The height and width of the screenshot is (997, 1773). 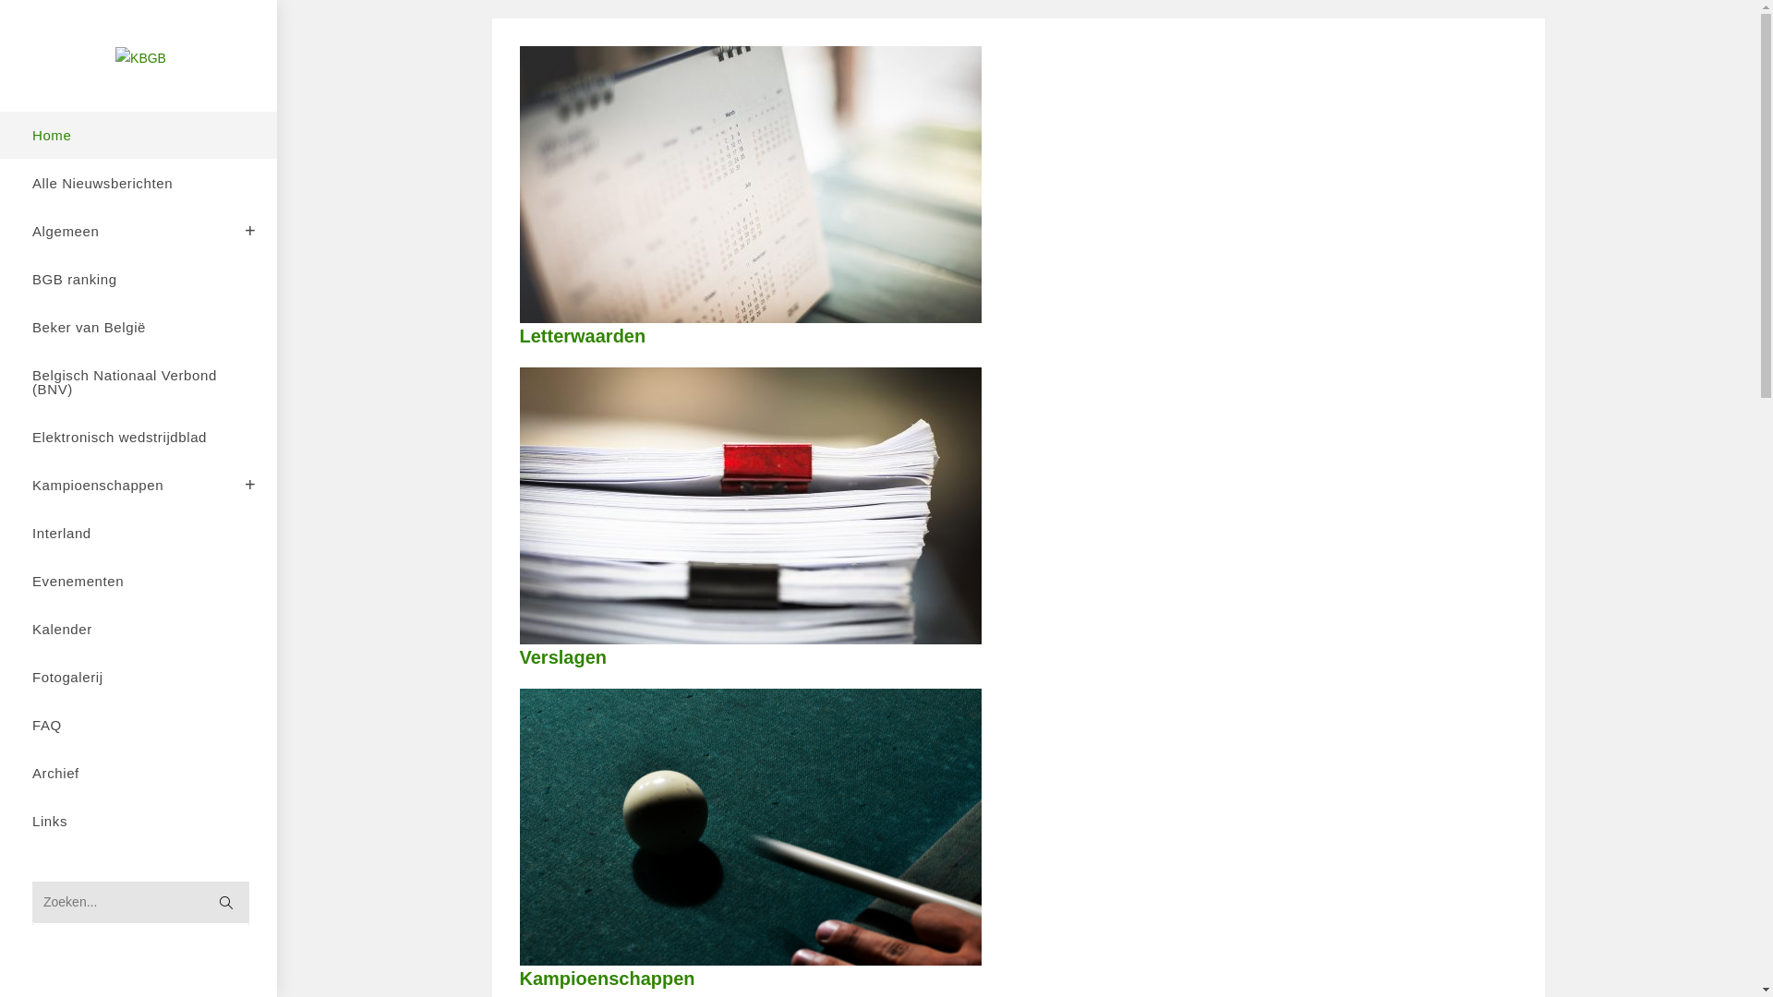 What do you see at coordinates (137, 183) in the screenshot?
I see `'Alle Nieuwsberichten'` at bounding box center [137, 183].